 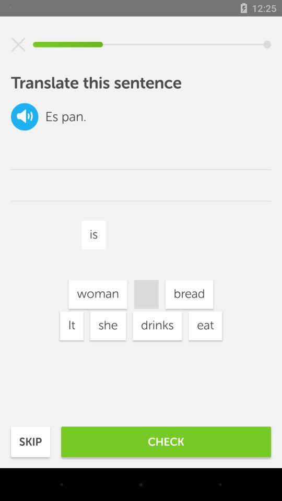 I want to click on the icon next to the check icon, so click(x=30, y=441).